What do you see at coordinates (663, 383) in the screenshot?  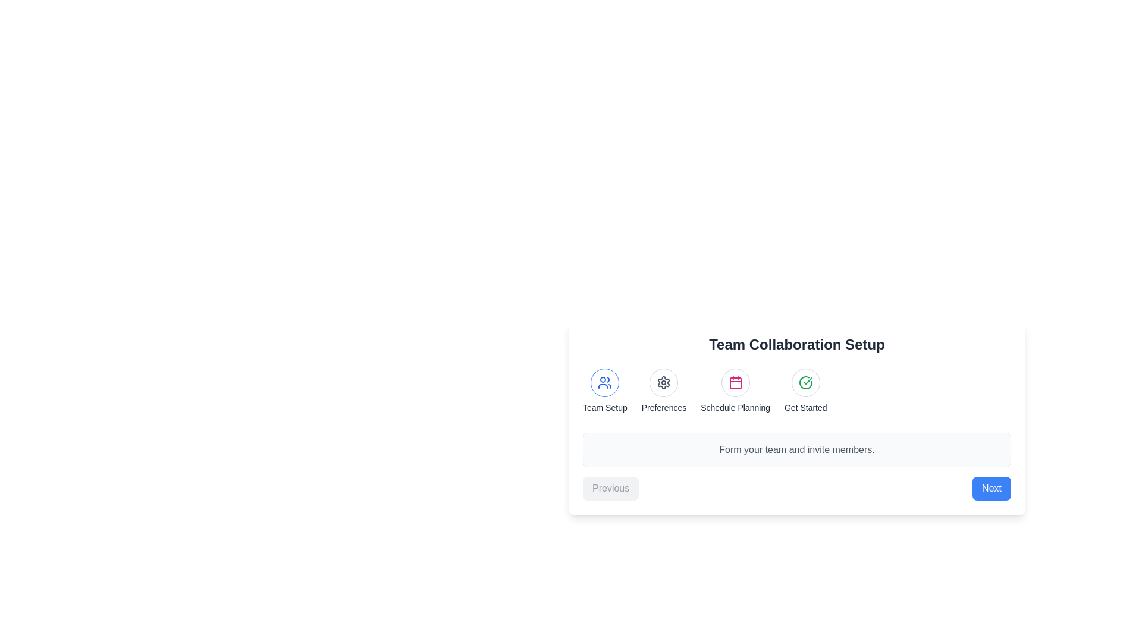 I see `the settings icon located in the 'Preferences' section` at bounding box center [663, 383].